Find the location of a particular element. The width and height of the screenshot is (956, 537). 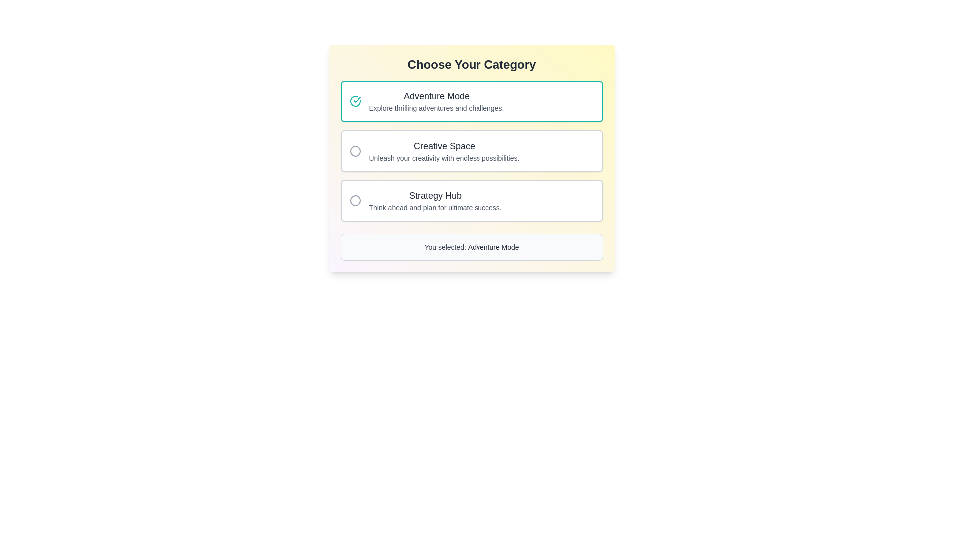

the selectable option styled as a card for 'Adventure Mode' category located in the first card of the selection menu is located at coordinates (436, 101).